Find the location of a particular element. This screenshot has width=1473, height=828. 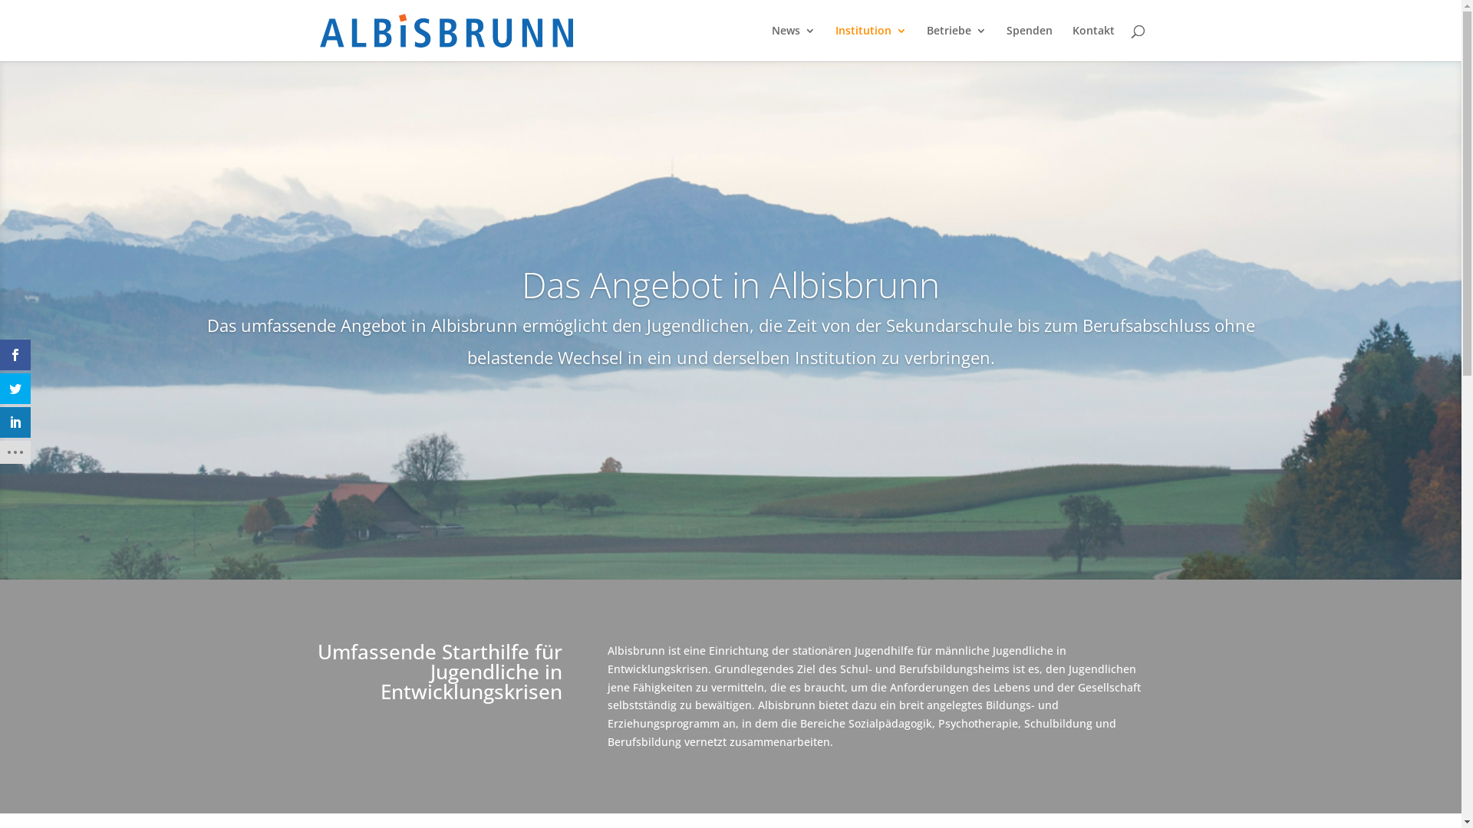

'Kontakt' is located at coordinates (1092, 42).